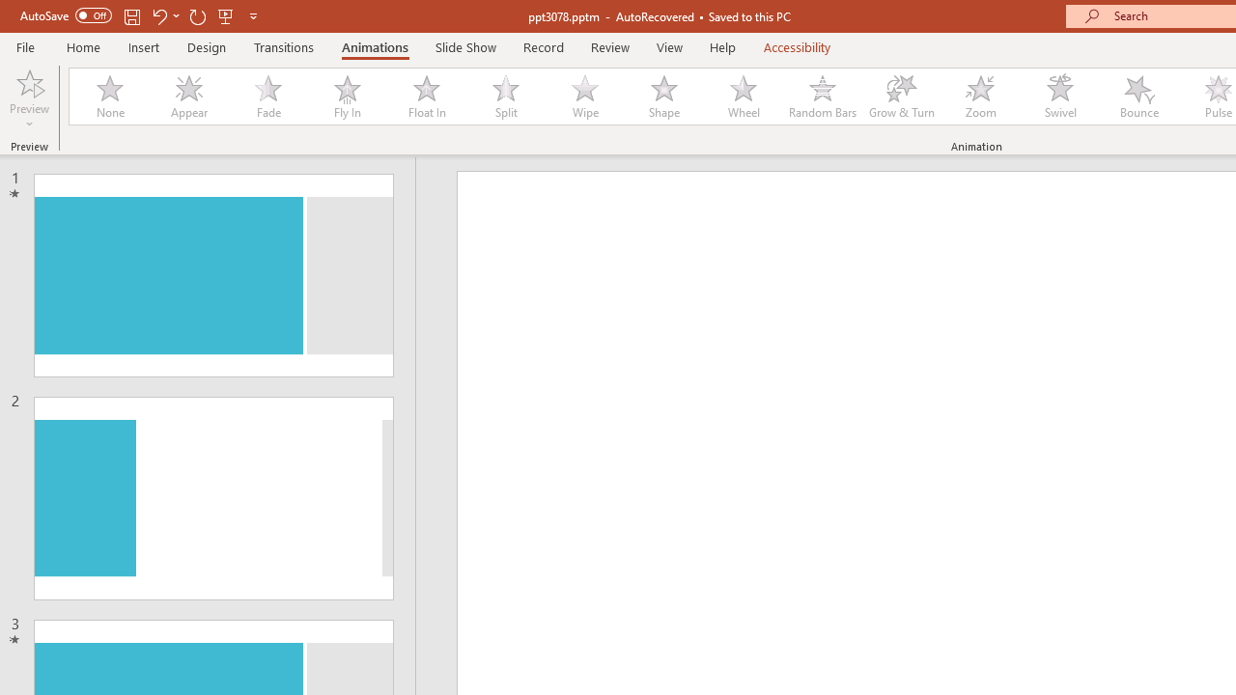 This screenshot has width=1236, height=695. What do you see at coordinates (583, 97) in the screenshot?
I see `'Wipe'` at bounding box center [583, 97].